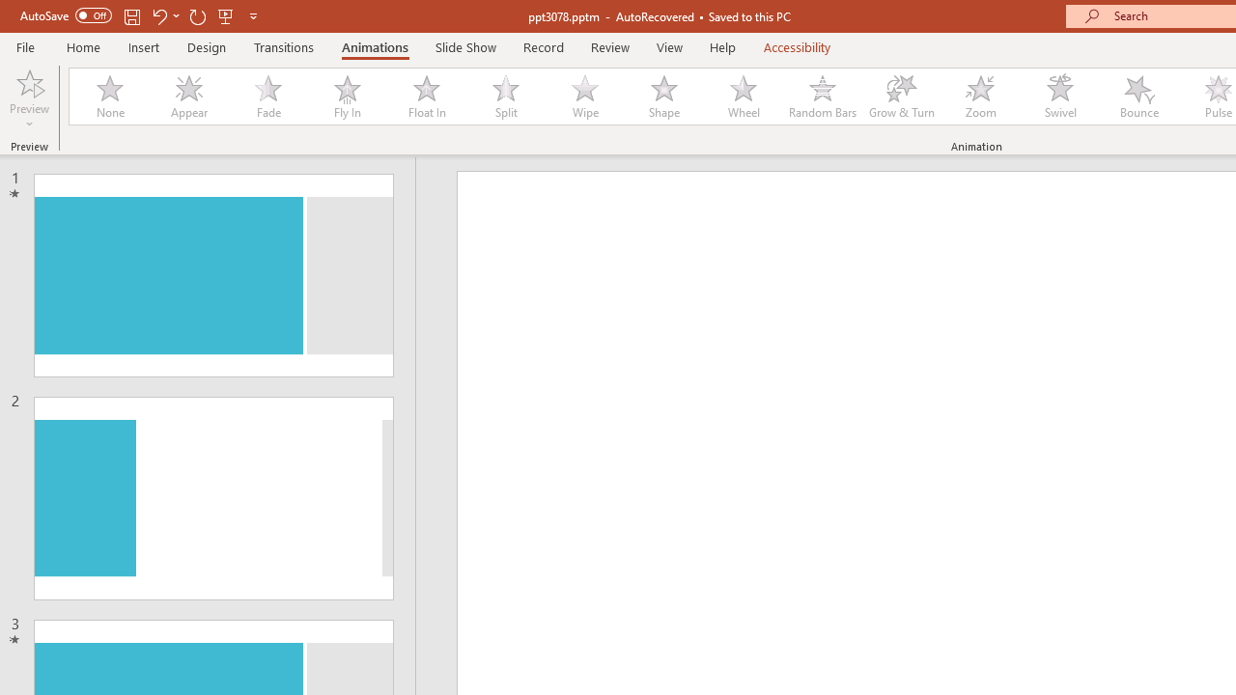 This screenshot has width=1236, height=695. What do you see at coordinates (583, 97) in the screenshot?
I see `'Wipe'` at bounding box center [583, 97].